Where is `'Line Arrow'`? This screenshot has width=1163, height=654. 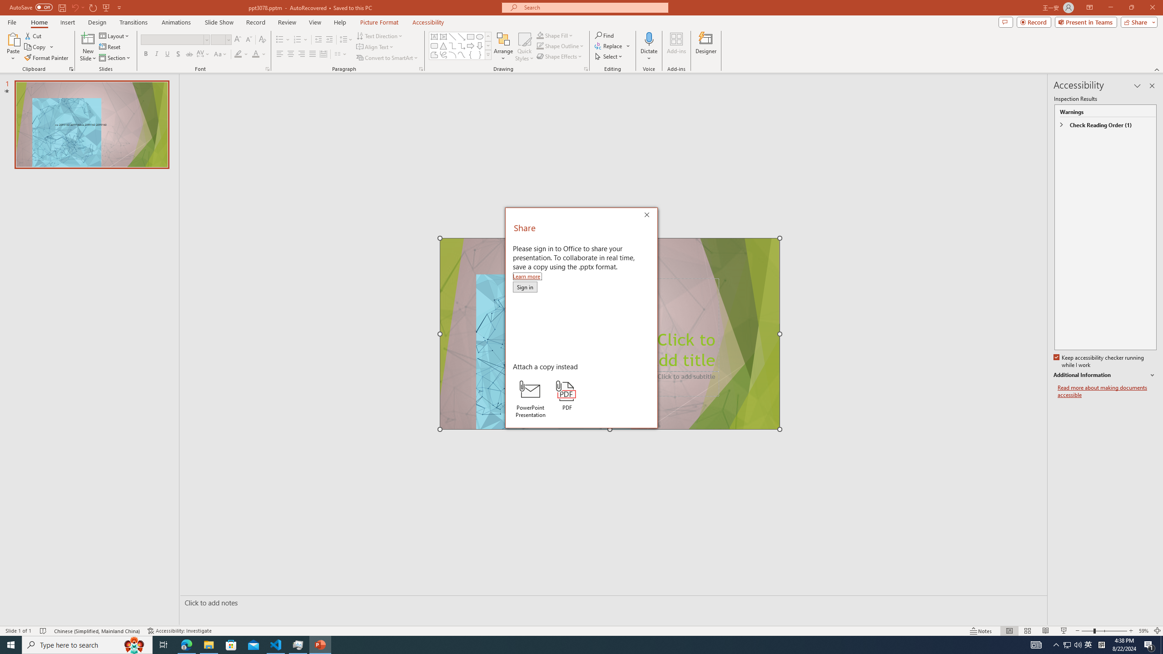 'Line Arrow' is located at coordinates (461, 36).